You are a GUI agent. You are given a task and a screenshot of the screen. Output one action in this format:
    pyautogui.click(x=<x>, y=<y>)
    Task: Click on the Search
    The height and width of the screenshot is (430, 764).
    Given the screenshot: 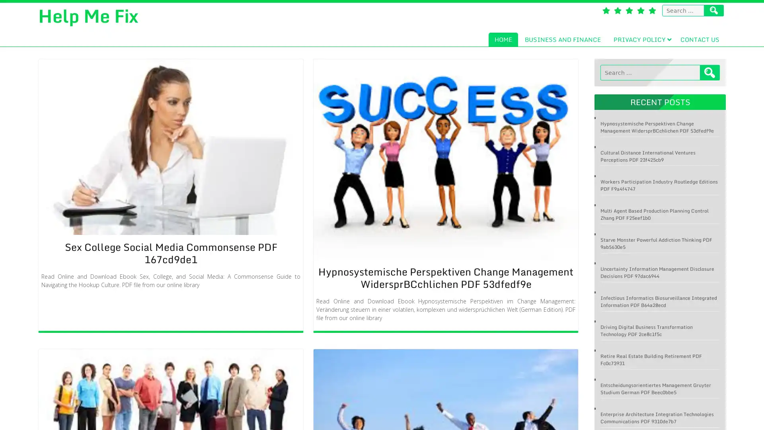 What is the action you would take?
    pyautogui.click(x=714, y=10)
    